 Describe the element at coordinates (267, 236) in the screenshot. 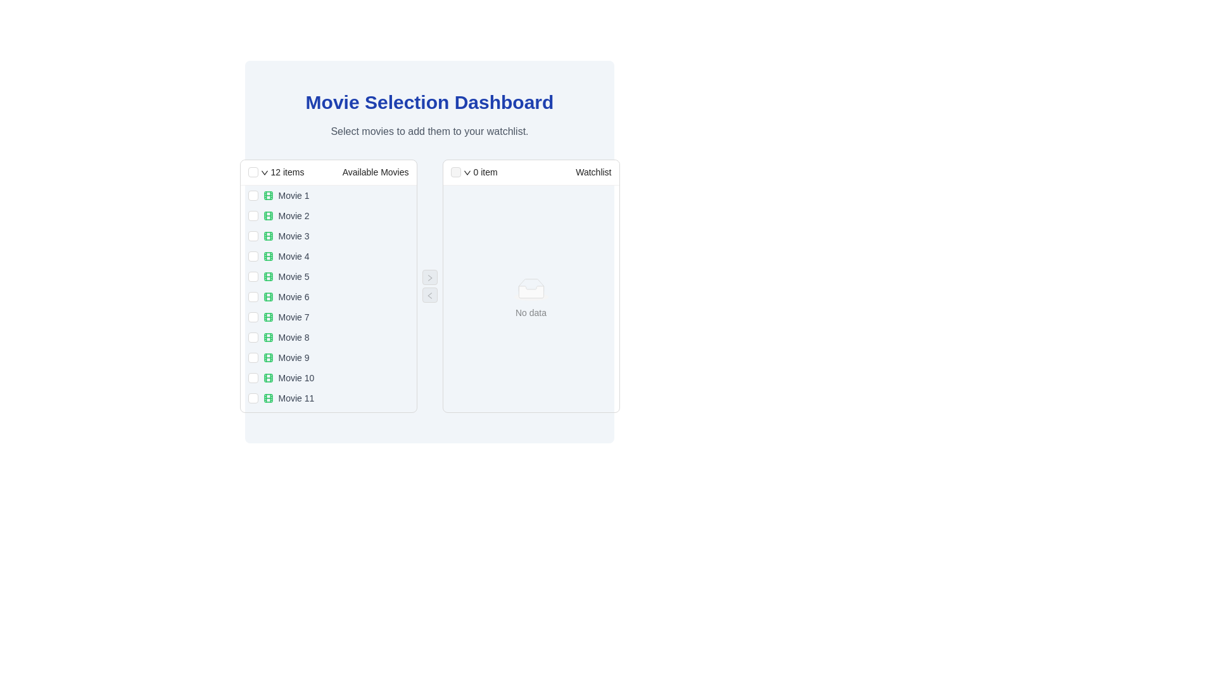

I see `the icon associated with the list item 'Movie 3' in the 'Available Movies' section` at that location.